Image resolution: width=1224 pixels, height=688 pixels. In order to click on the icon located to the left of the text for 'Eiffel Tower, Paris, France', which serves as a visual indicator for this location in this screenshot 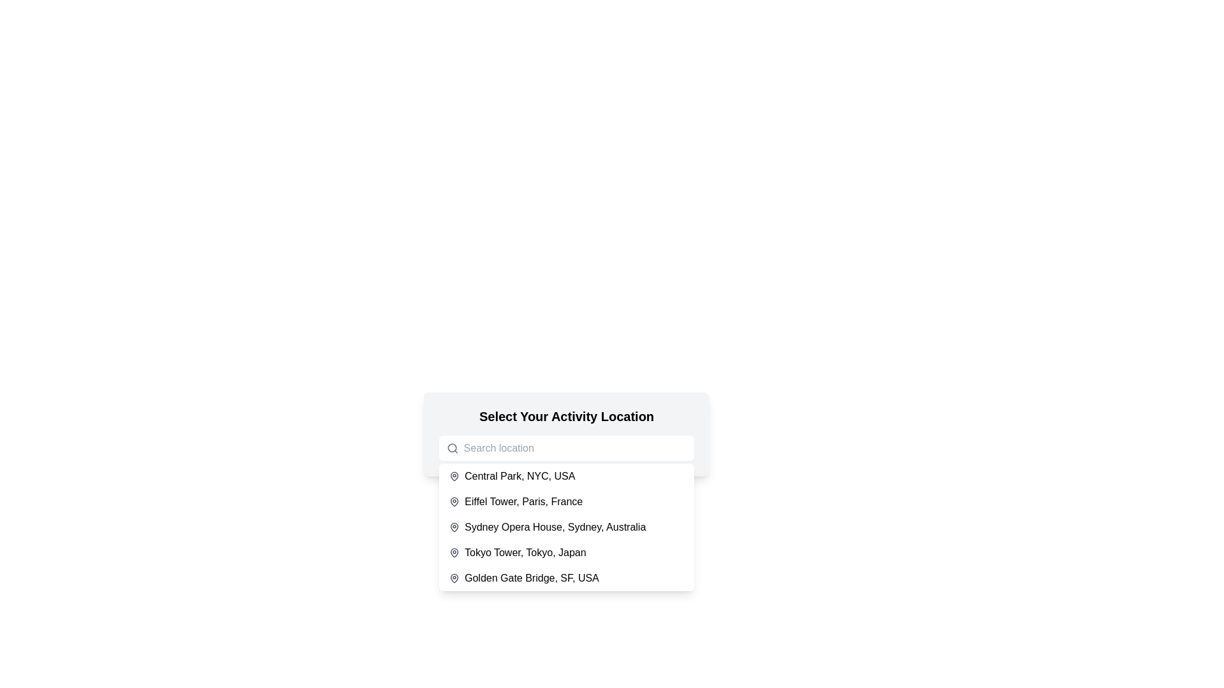, I will do `click(455, 501)`.